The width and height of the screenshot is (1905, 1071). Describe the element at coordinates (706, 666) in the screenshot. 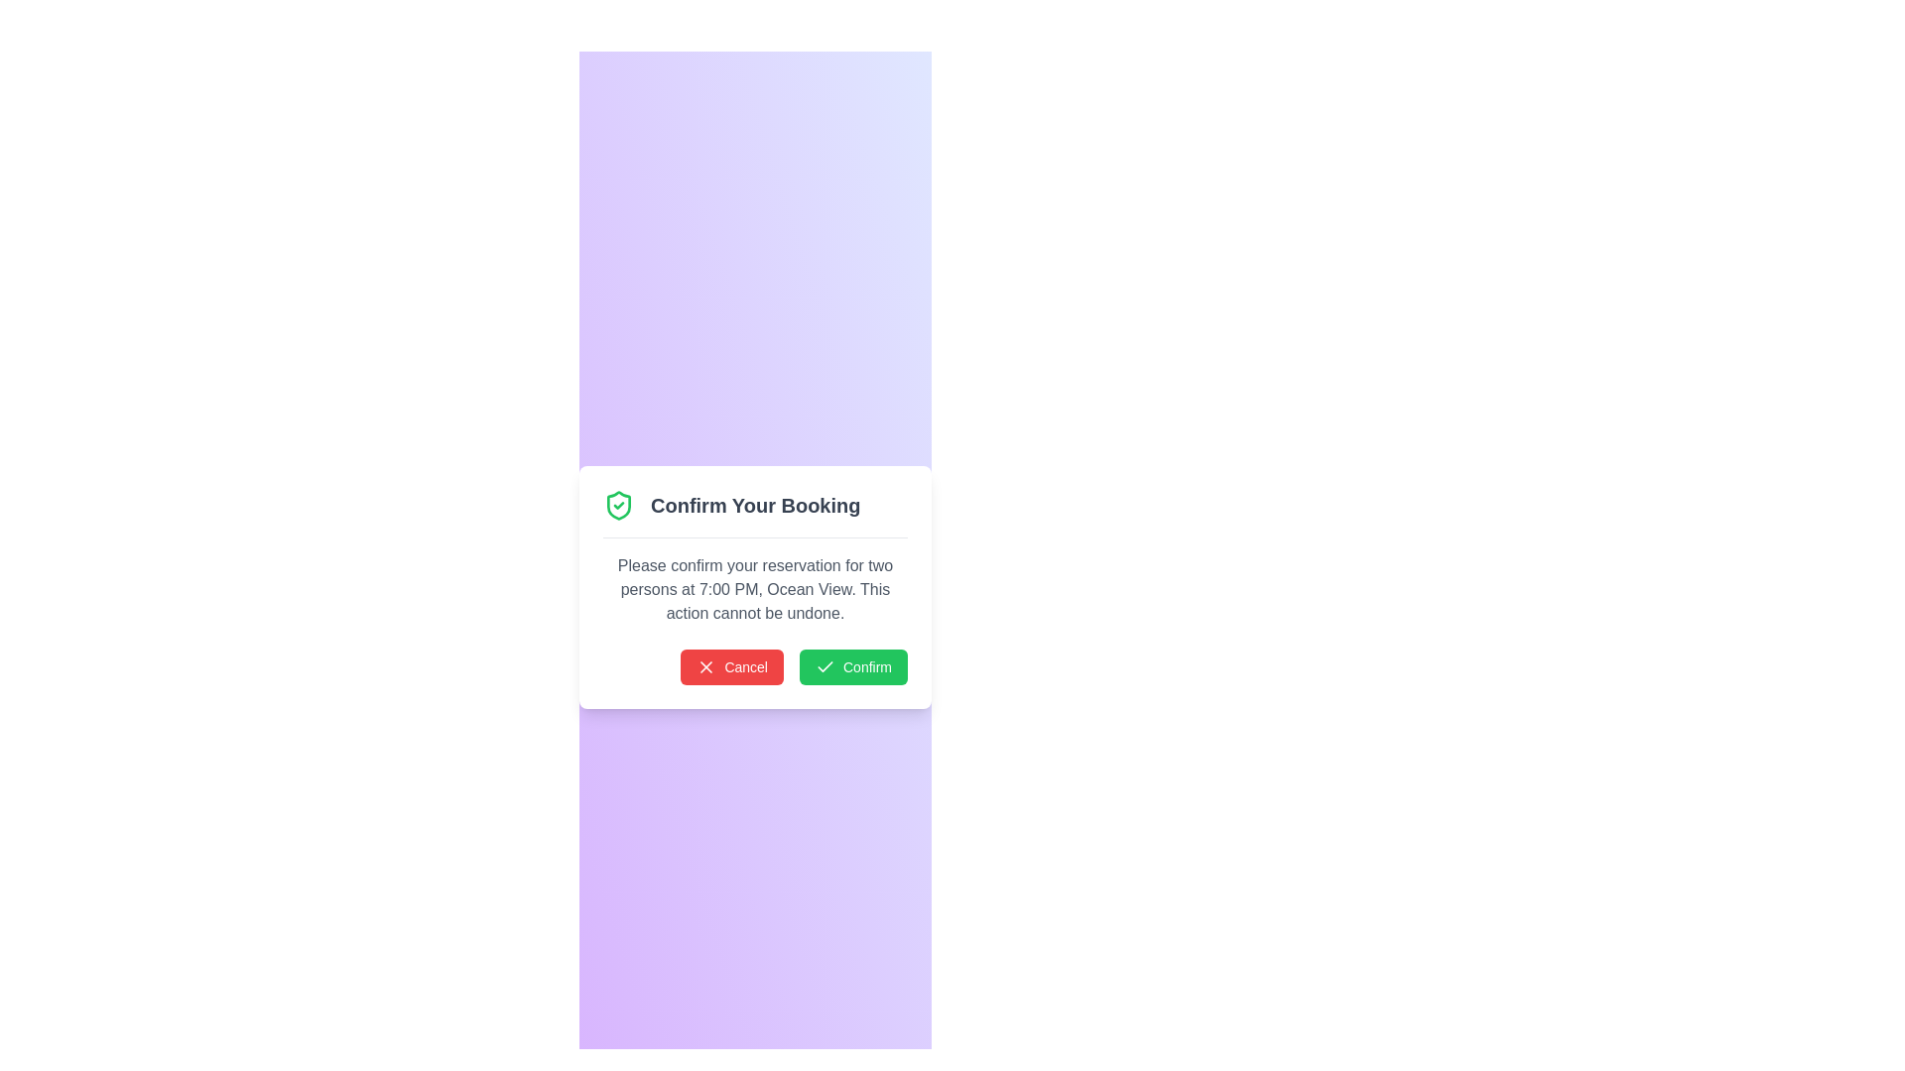

I see `the 'X' icon on the left side of the red 'Cancel' button` at that location.